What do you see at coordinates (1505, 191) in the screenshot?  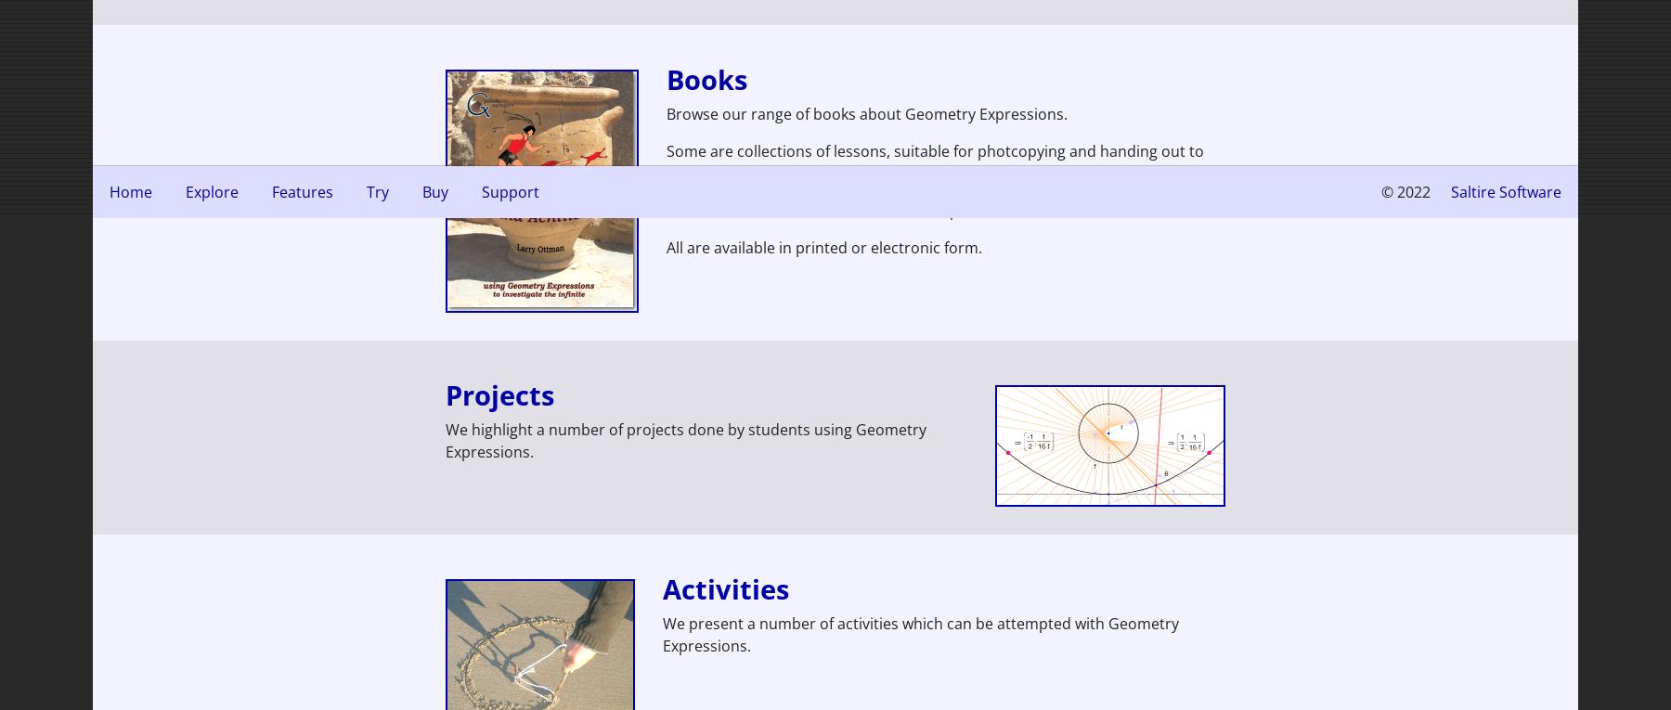 I see `'Saltire Software'` at bounding box center [1505, 191].